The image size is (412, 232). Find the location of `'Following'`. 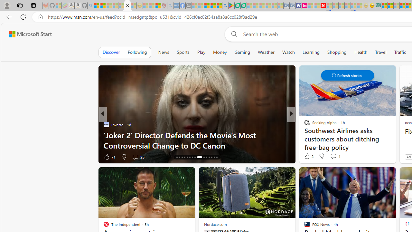

'Following' is located at coordinates (137, 52).